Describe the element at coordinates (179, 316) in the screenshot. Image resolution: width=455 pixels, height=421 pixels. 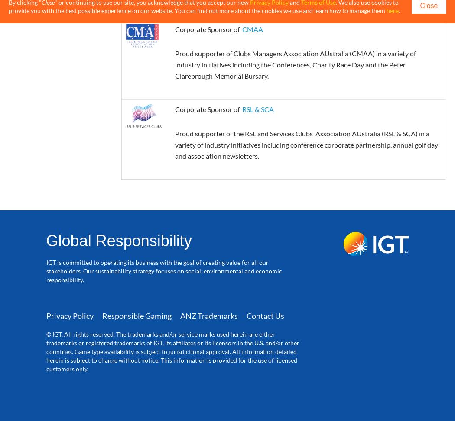
I see `'ANZ Trademarks'` at that location.